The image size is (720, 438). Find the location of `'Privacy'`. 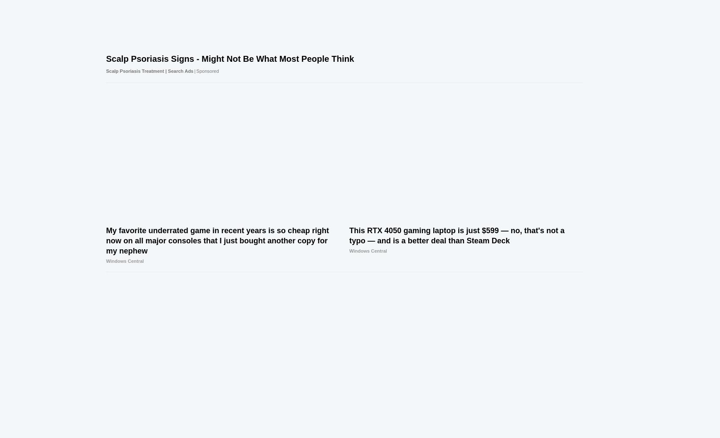

'Privacy' is located at coordinates (382, 427).